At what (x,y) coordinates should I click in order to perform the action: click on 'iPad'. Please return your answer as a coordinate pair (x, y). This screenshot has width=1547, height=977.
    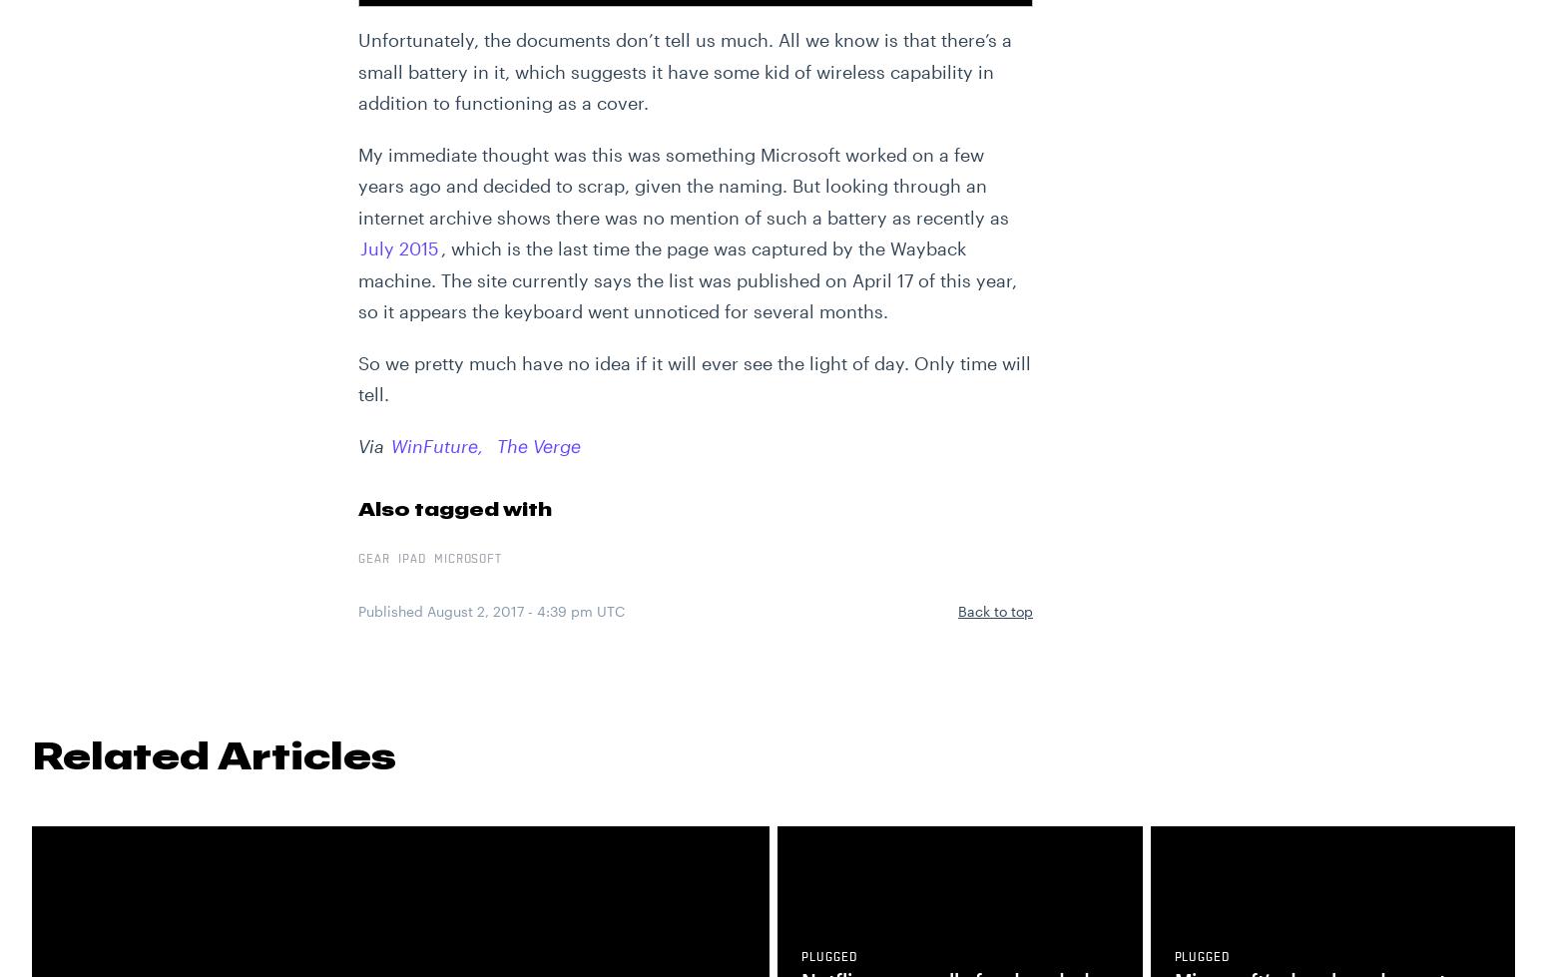
    Looking at the image, I should click on (410, 558).